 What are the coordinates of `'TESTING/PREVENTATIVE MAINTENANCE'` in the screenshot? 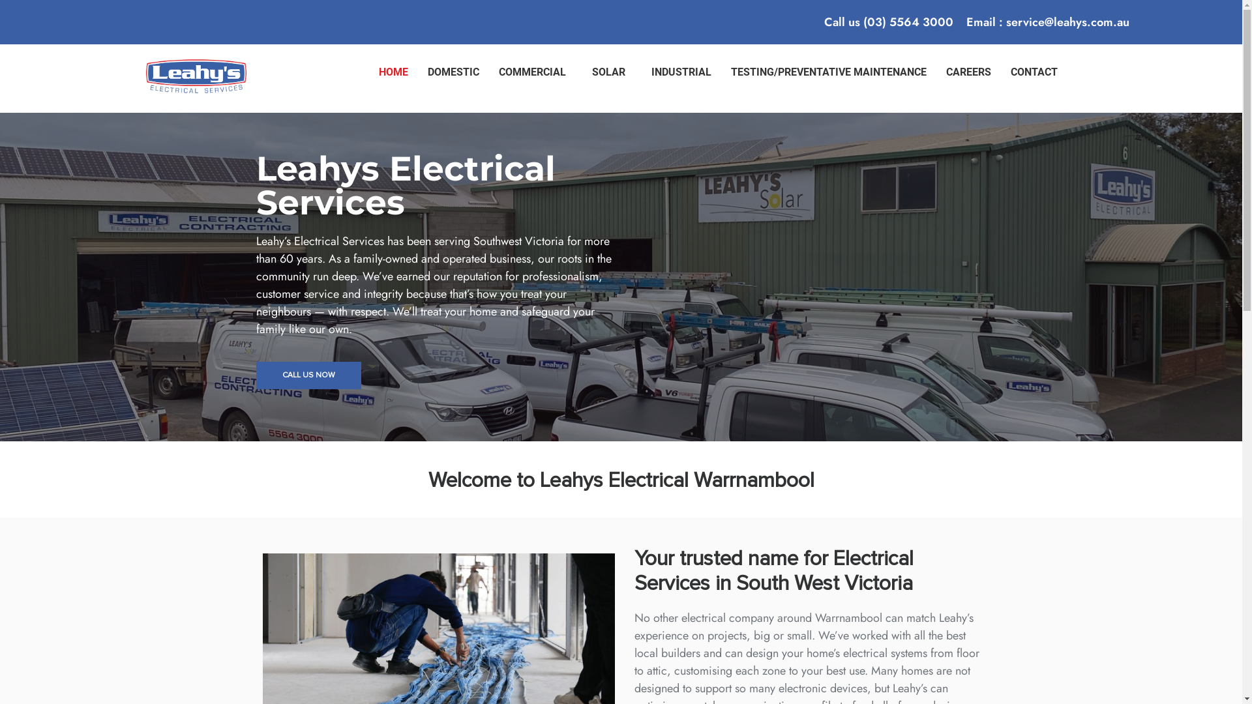 It's located at (828, 72).